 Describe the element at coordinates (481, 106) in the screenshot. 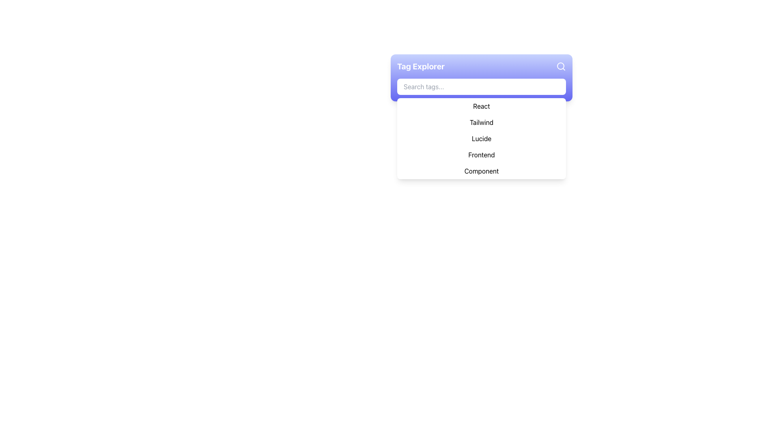

I see `the text entry displaying 'React' in the dropdown menu, which is the first item in the list beneath the 'Tag Explorer' search bar` at that location.